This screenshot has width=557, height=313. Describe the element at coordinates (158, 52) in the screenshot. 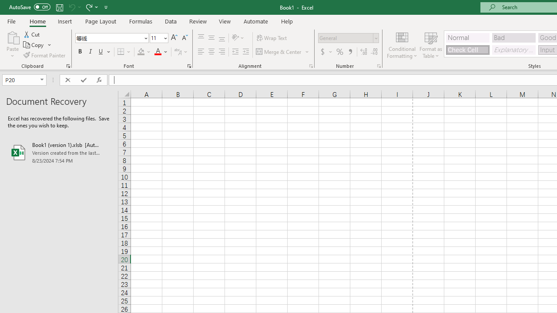

I see `'Font Color RGB(255, 0, 0)'` at that location.